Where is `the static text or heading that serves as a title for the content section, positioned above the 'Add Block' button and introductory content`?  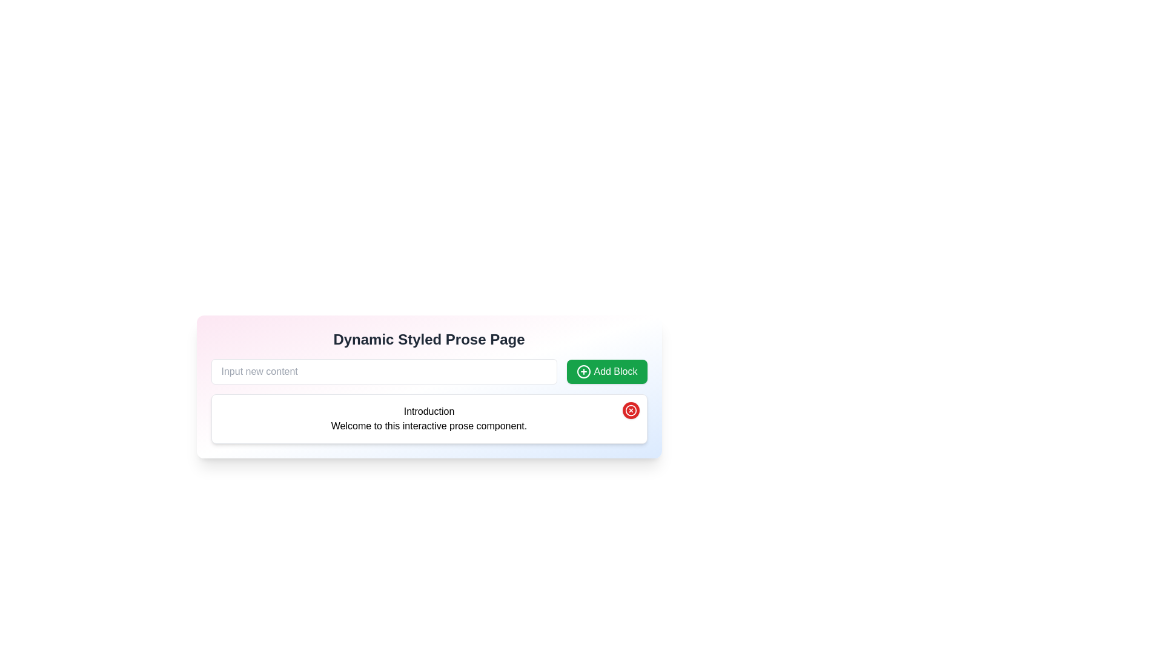 the static text or heading that serves as a title for the content section, positioned above the 'Add Block' button and introductory content is located at coordinates (429, 339).